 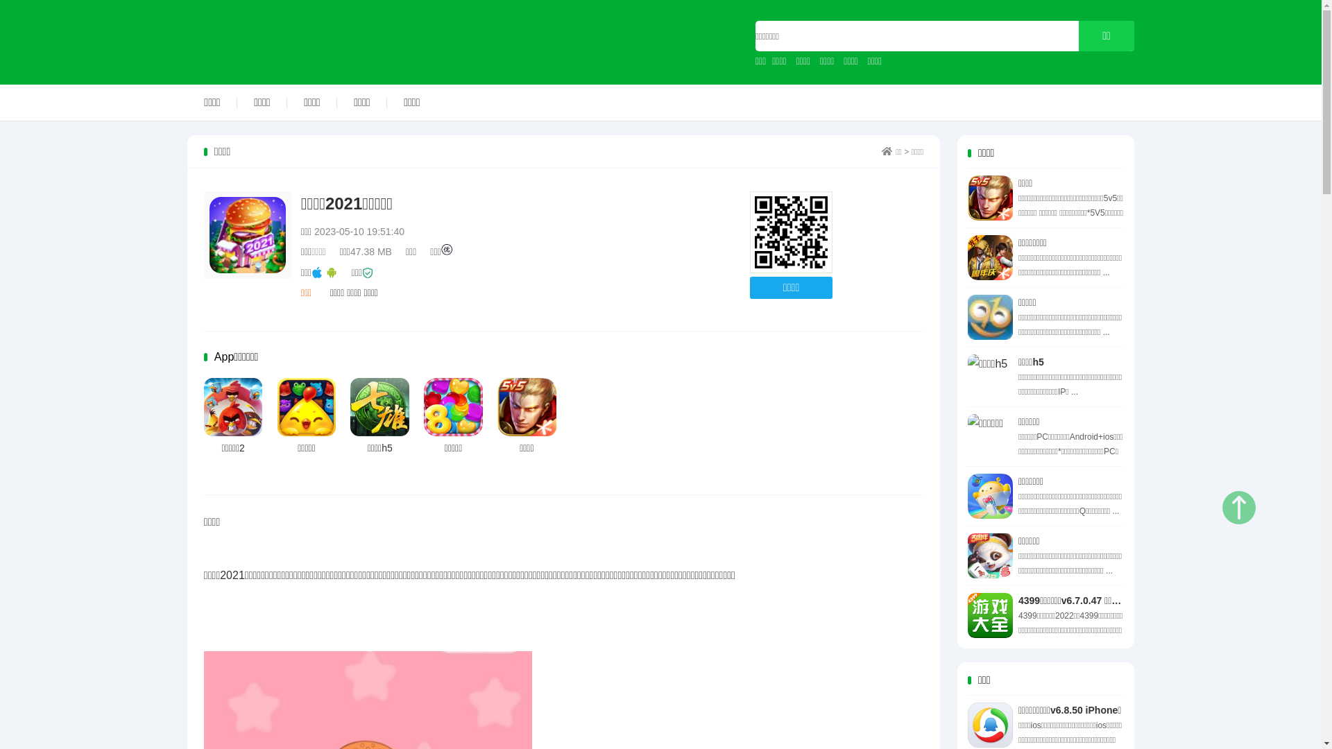 I want to click on 'http://www.818app.com', so click(x=754, y=232).